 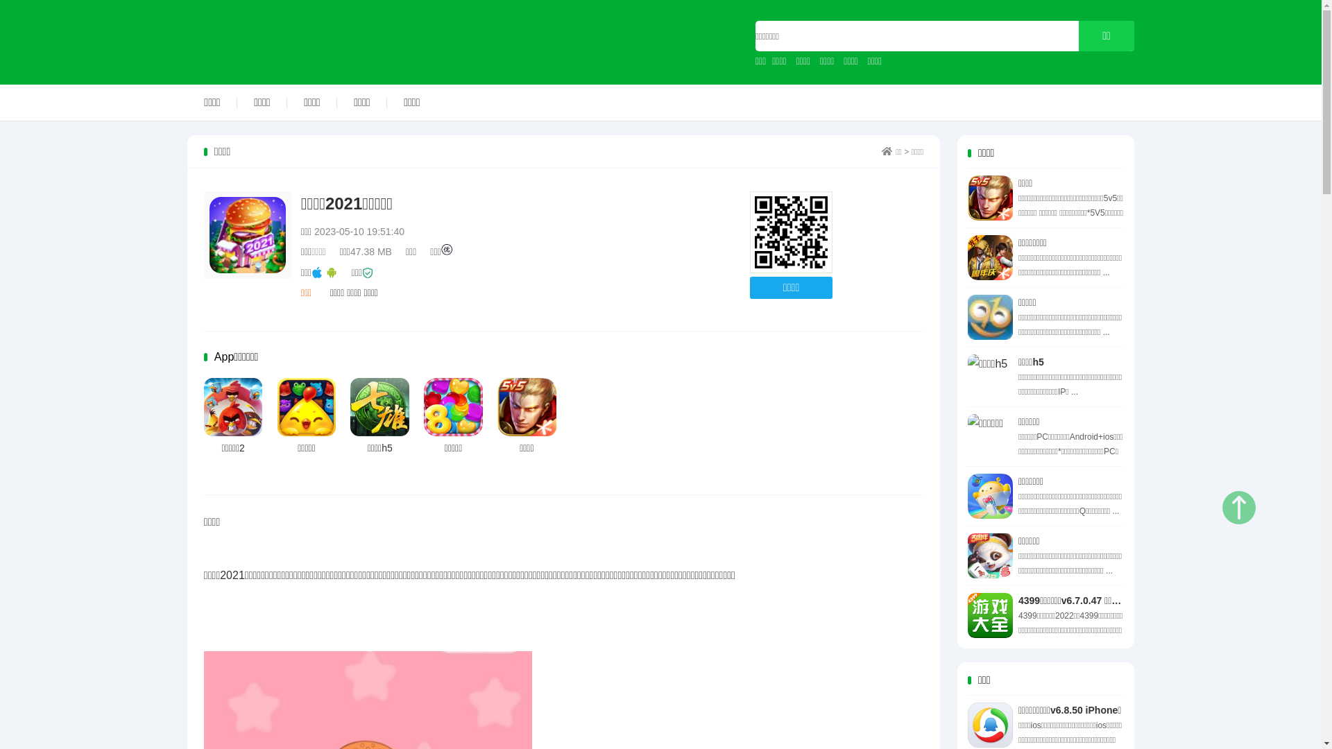 I want to click on 'http://www.818app.com', so click(x=754, y=232).